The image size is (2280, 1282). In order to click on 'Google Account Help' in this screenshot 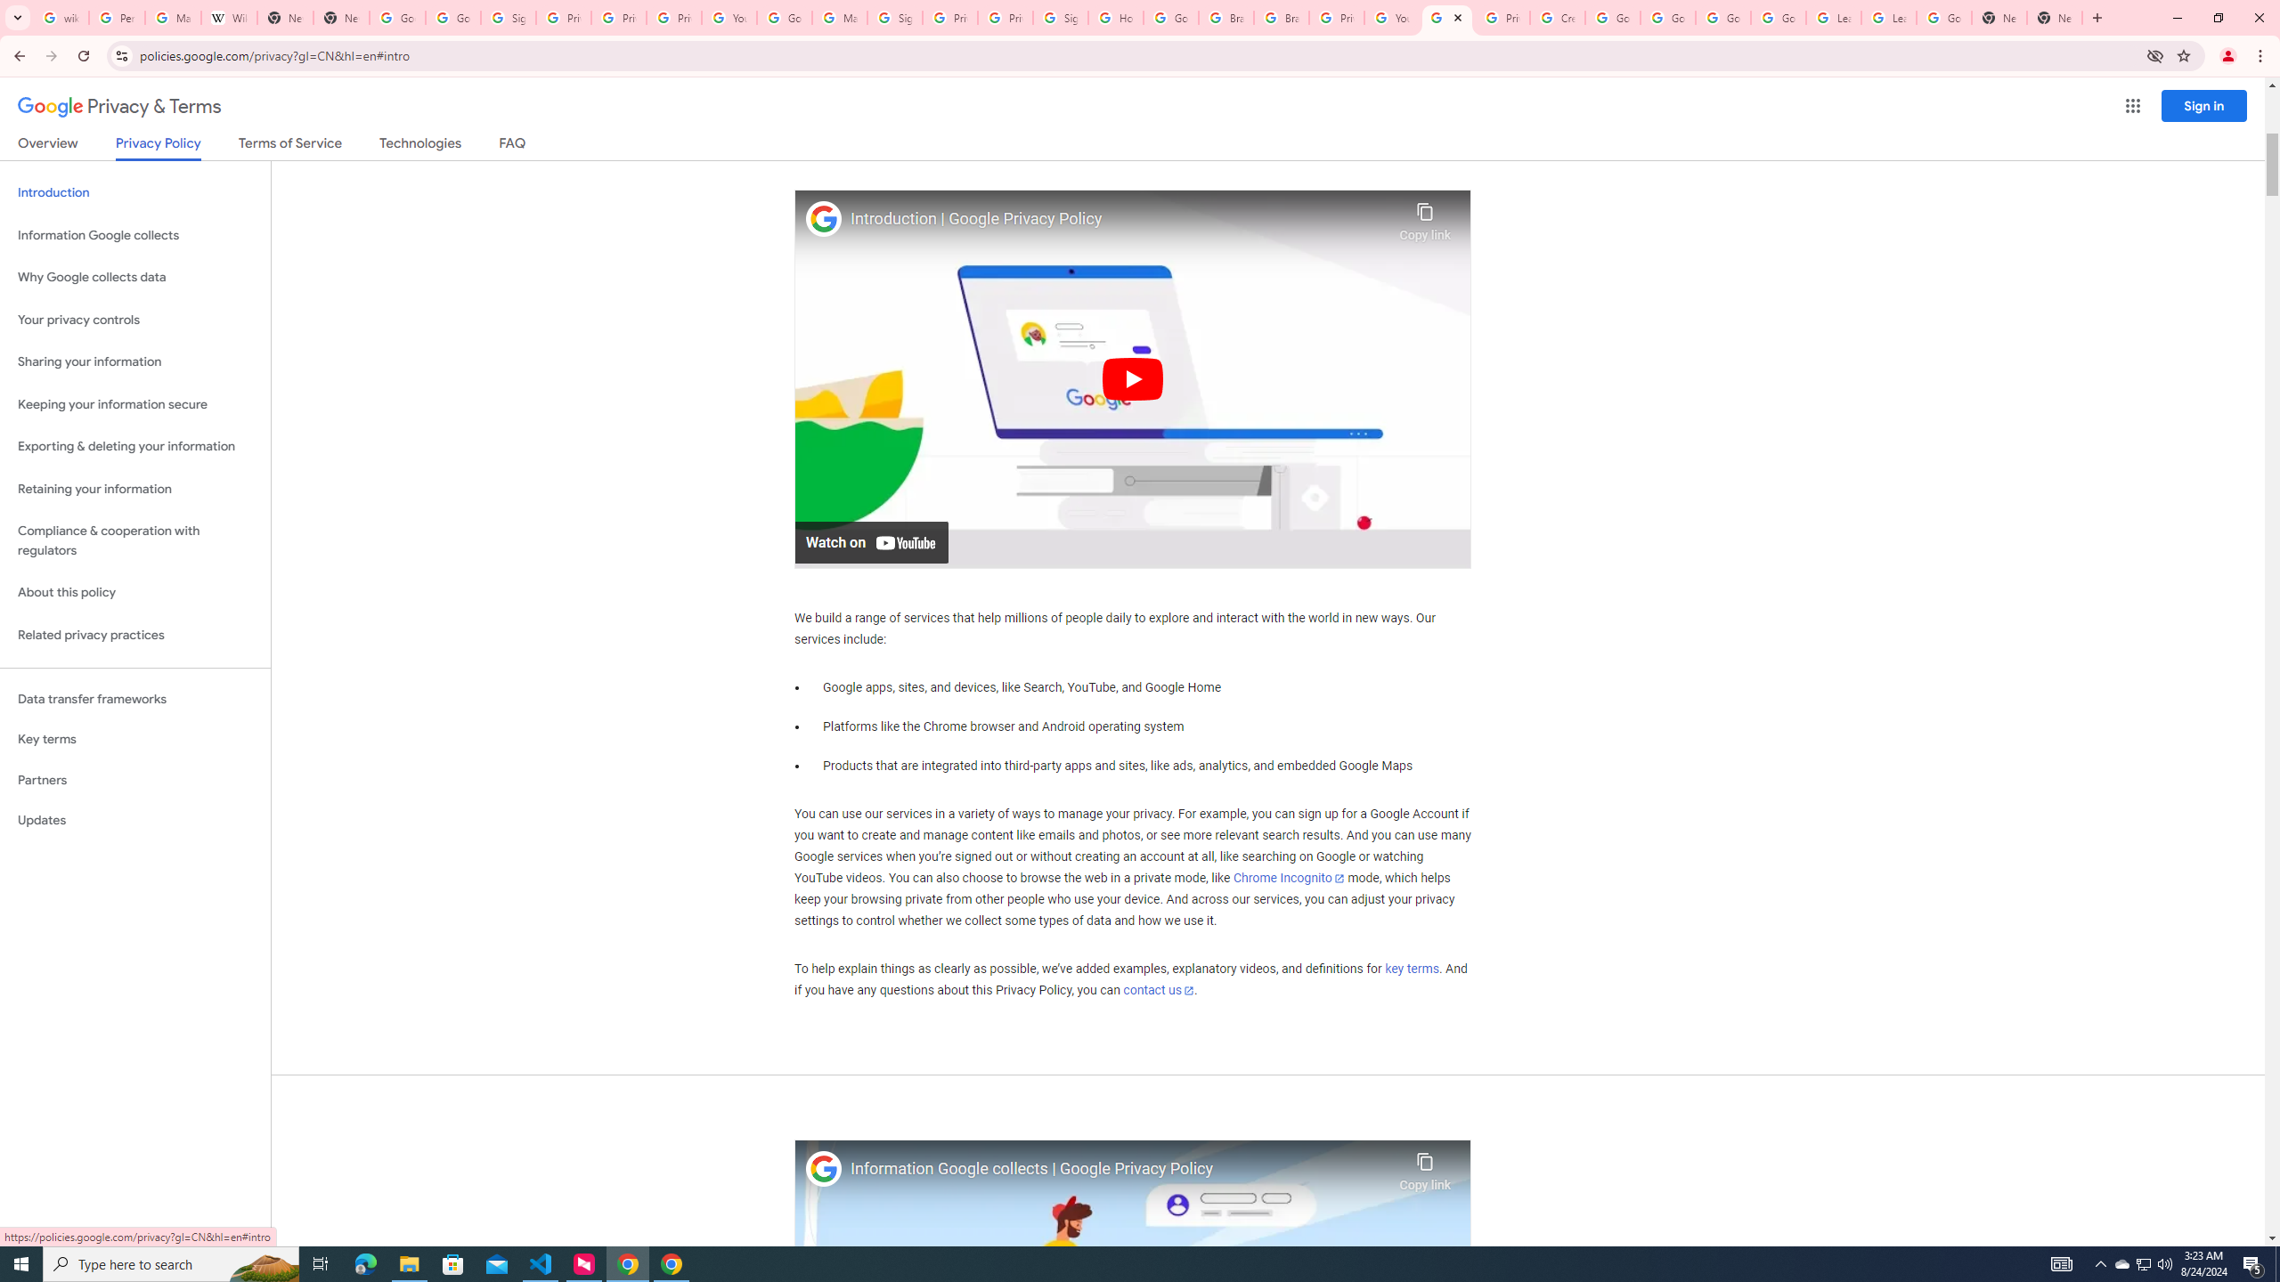, I will do `click(1666, 17)`.